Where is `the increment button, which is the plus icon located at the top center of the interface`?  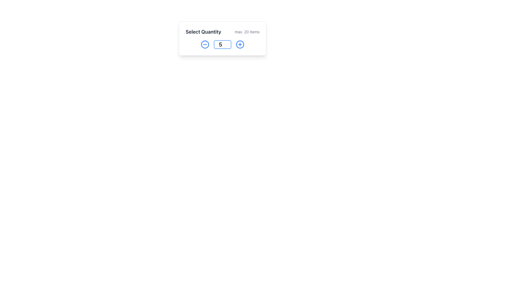 the increment button, which is the plus icon located at the top center of the interface is located at coordinates (240, 44).